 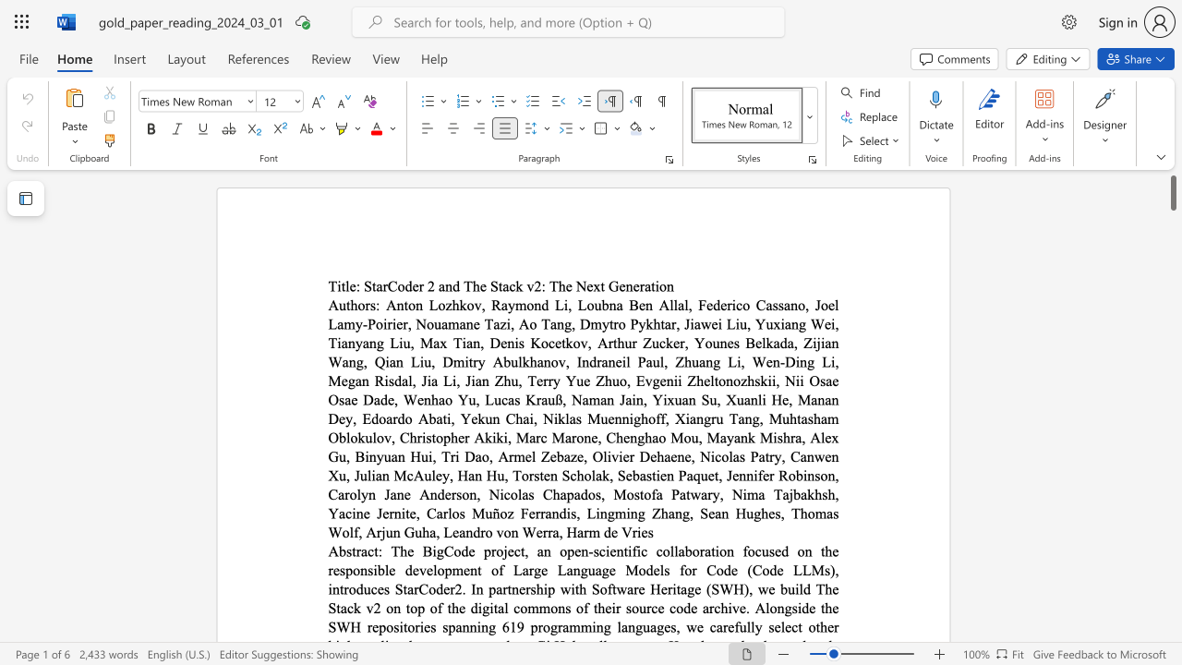 I want to click on the scrollbar on the right to shift the page lower, so click(x=1172, y=478).